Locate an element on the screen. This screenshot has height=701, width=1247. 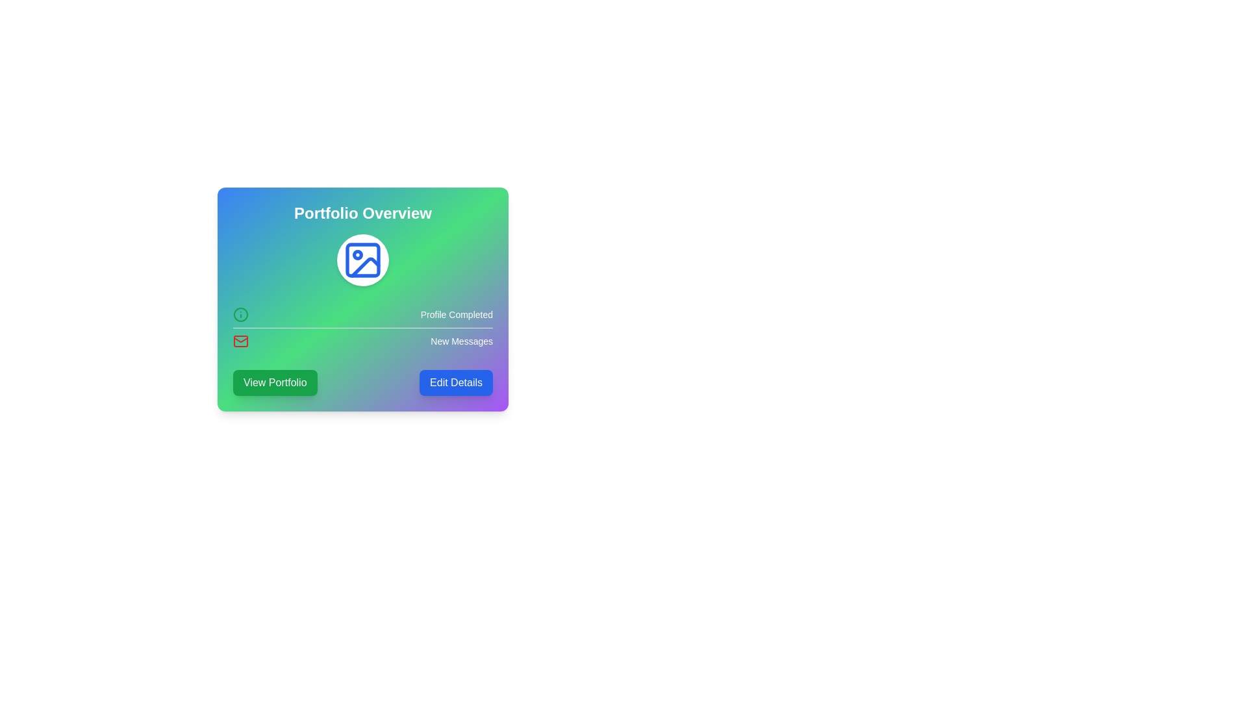
the text label displaying 'Profile Completed', which is styled with white text and positioned in a colorful interface, aligned to the right of a horizontal layout is located at coordinates (457, 315).